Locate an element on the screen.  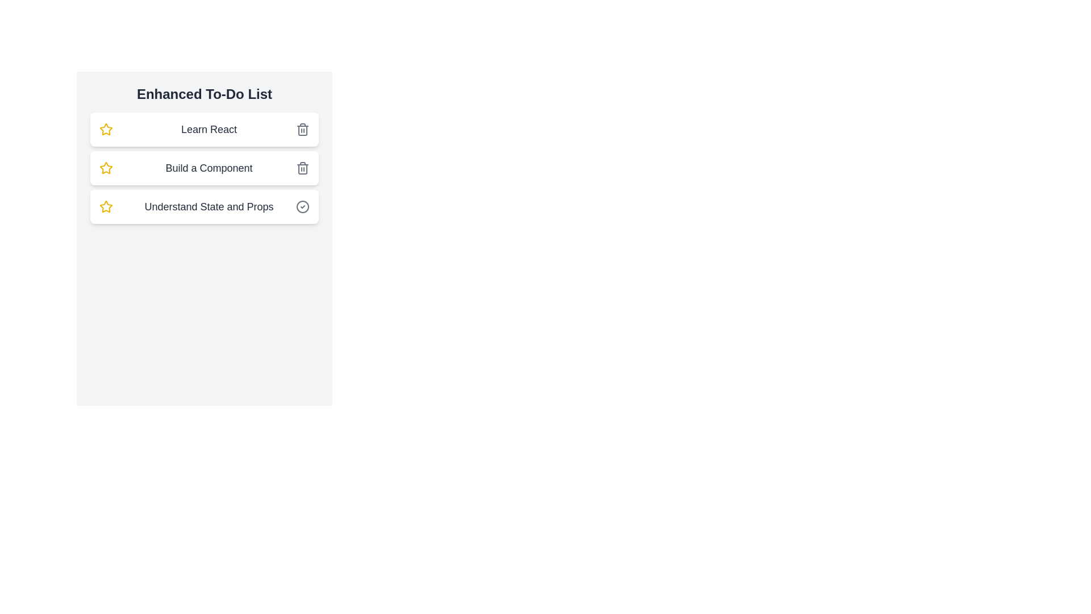
the first star-shaped icon with a yellow border and a white center in the 'Enhanced To-Do List' interface is located at coordinates (106, 128).